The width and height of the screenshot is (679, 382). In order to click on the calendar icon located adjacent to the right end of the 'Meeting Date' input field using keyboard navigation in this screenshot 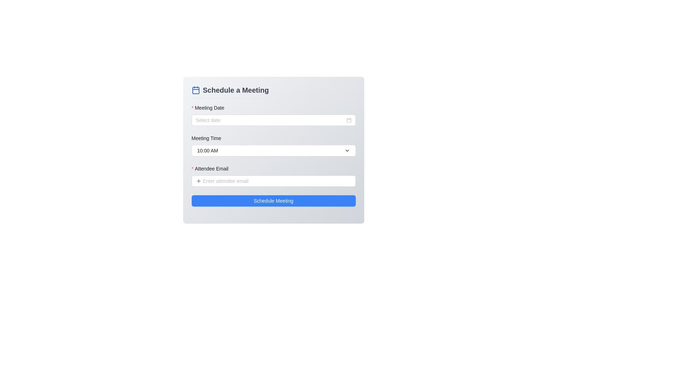, I will do `click(349, 120)`.